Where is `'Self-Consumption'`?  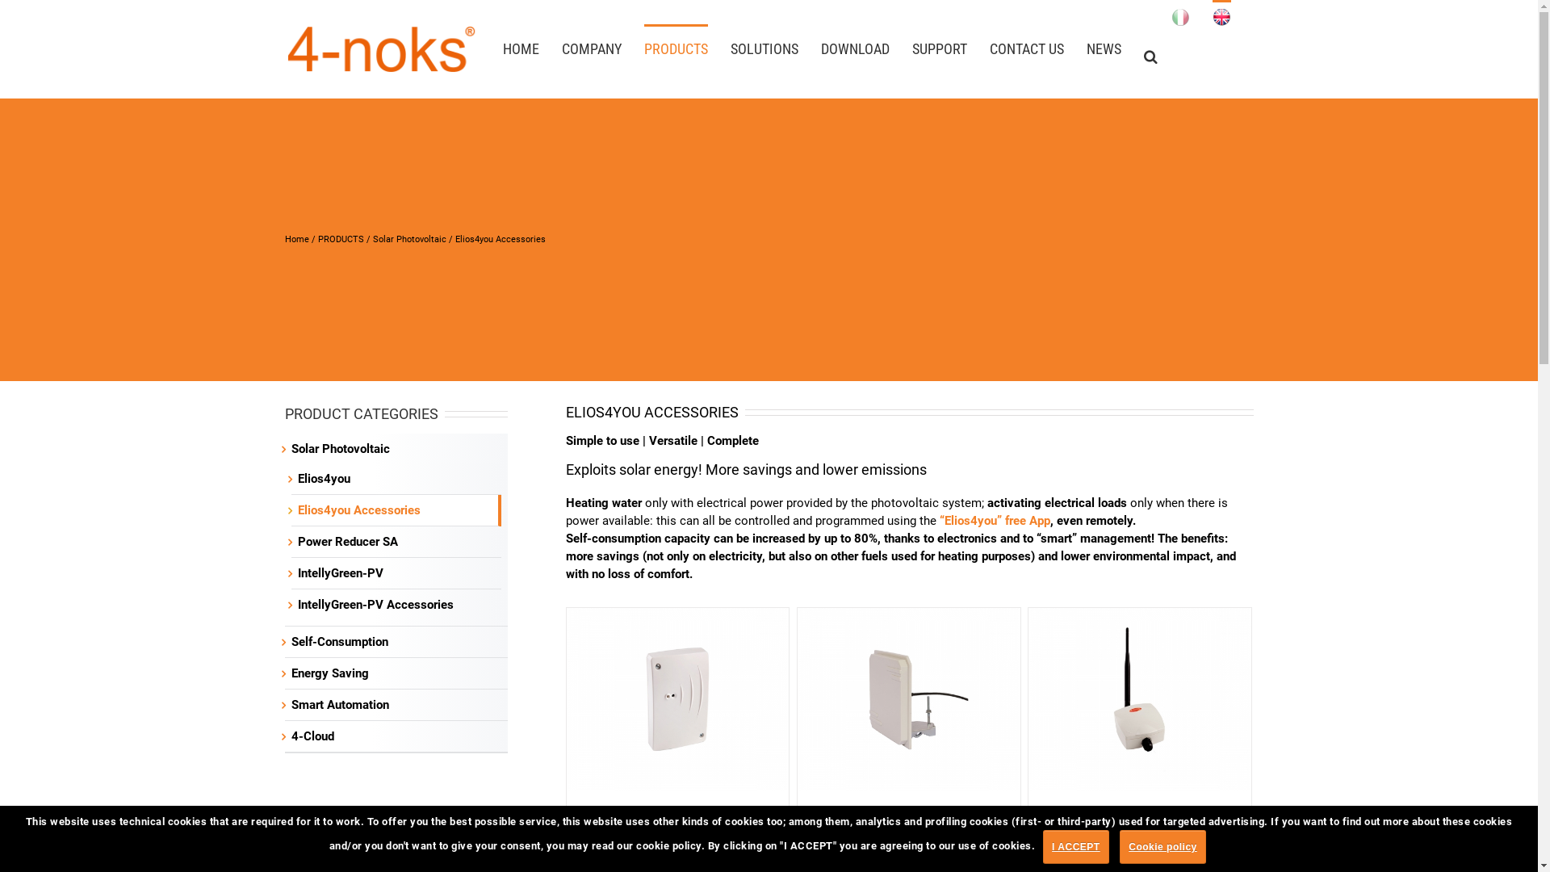
'Self-Consumption' is located at coordinates (338, 640).